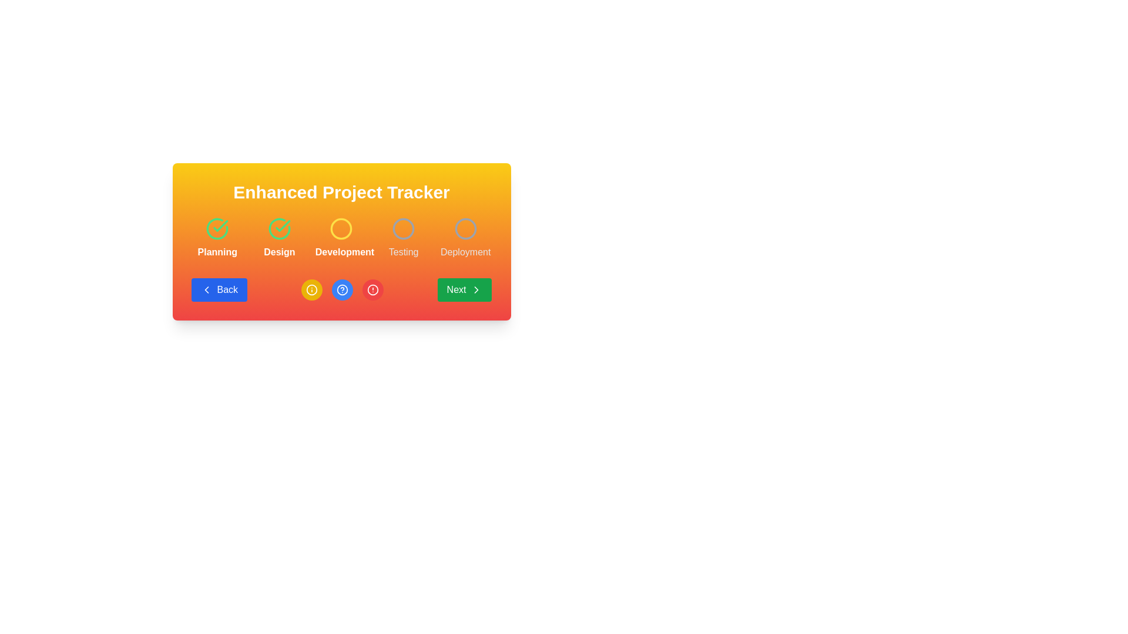 This screenshot has height=634, width=1128. Describe the element at coordinates (341, 289) in the screenshot. I see `the blue circular button with a white question mark icon located below the 'Enhanced Project Tracker' title` at that location.